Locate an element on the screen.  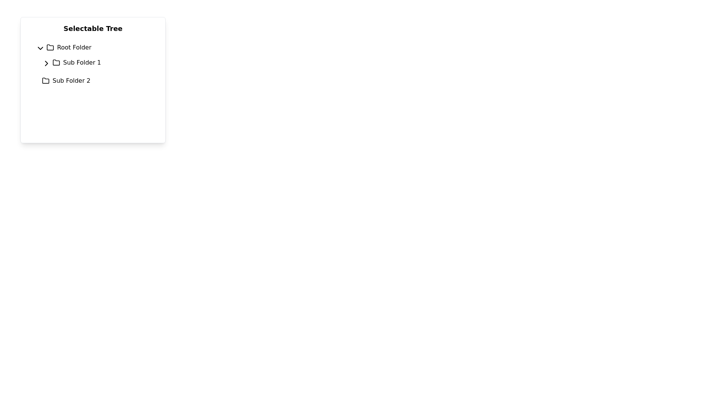
the SVG icon resembling a folder, which has a black outline and is positioned to the left of the text 'Sub Folder 2' is located at coordinates (45, 80).